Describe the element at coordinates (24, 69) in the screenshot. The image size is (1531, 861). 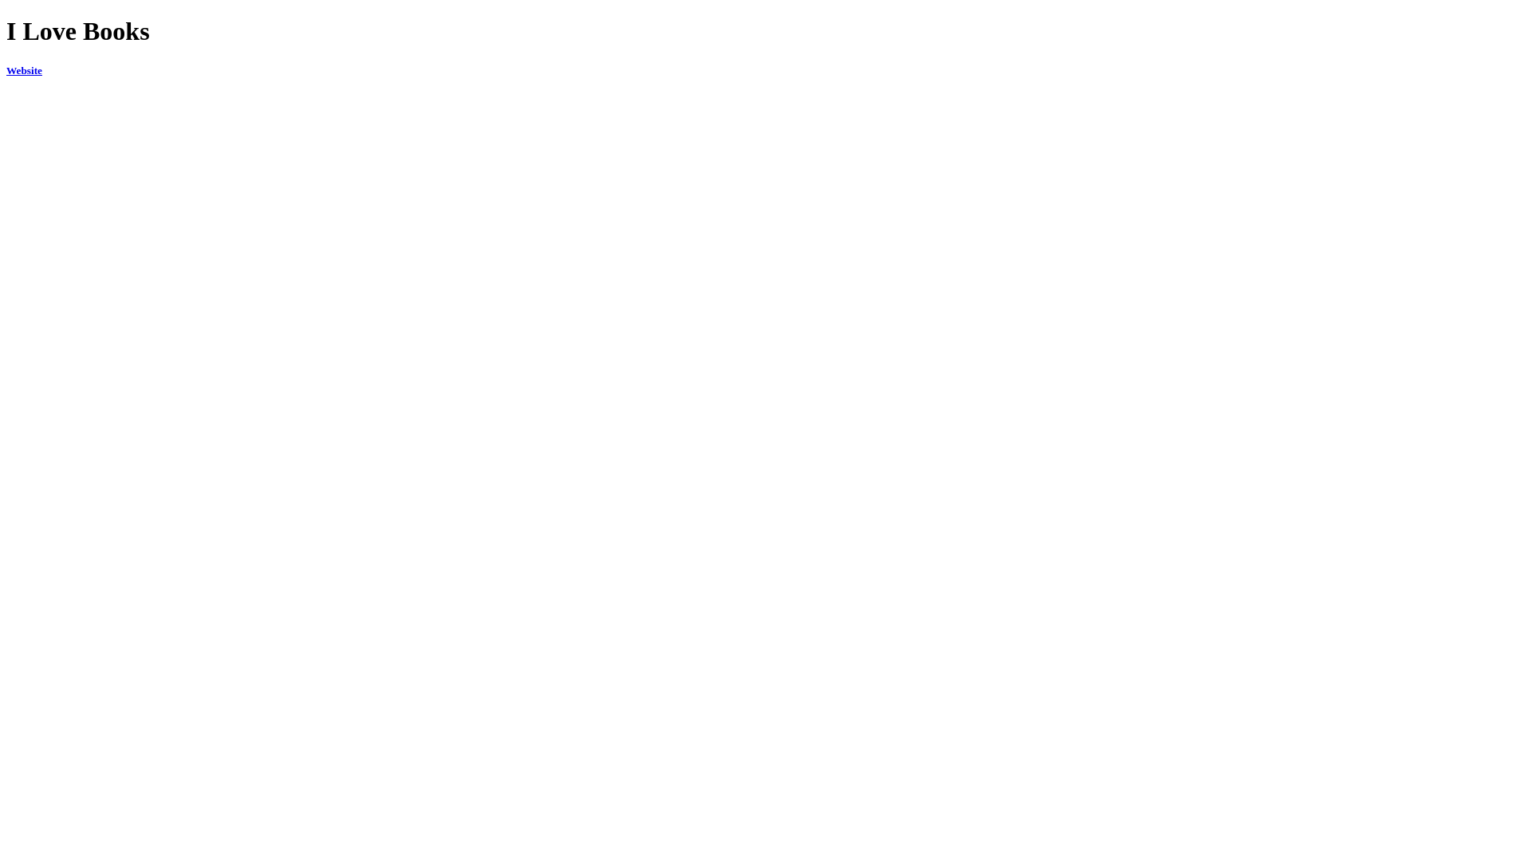
I see `'Website'` at that location.